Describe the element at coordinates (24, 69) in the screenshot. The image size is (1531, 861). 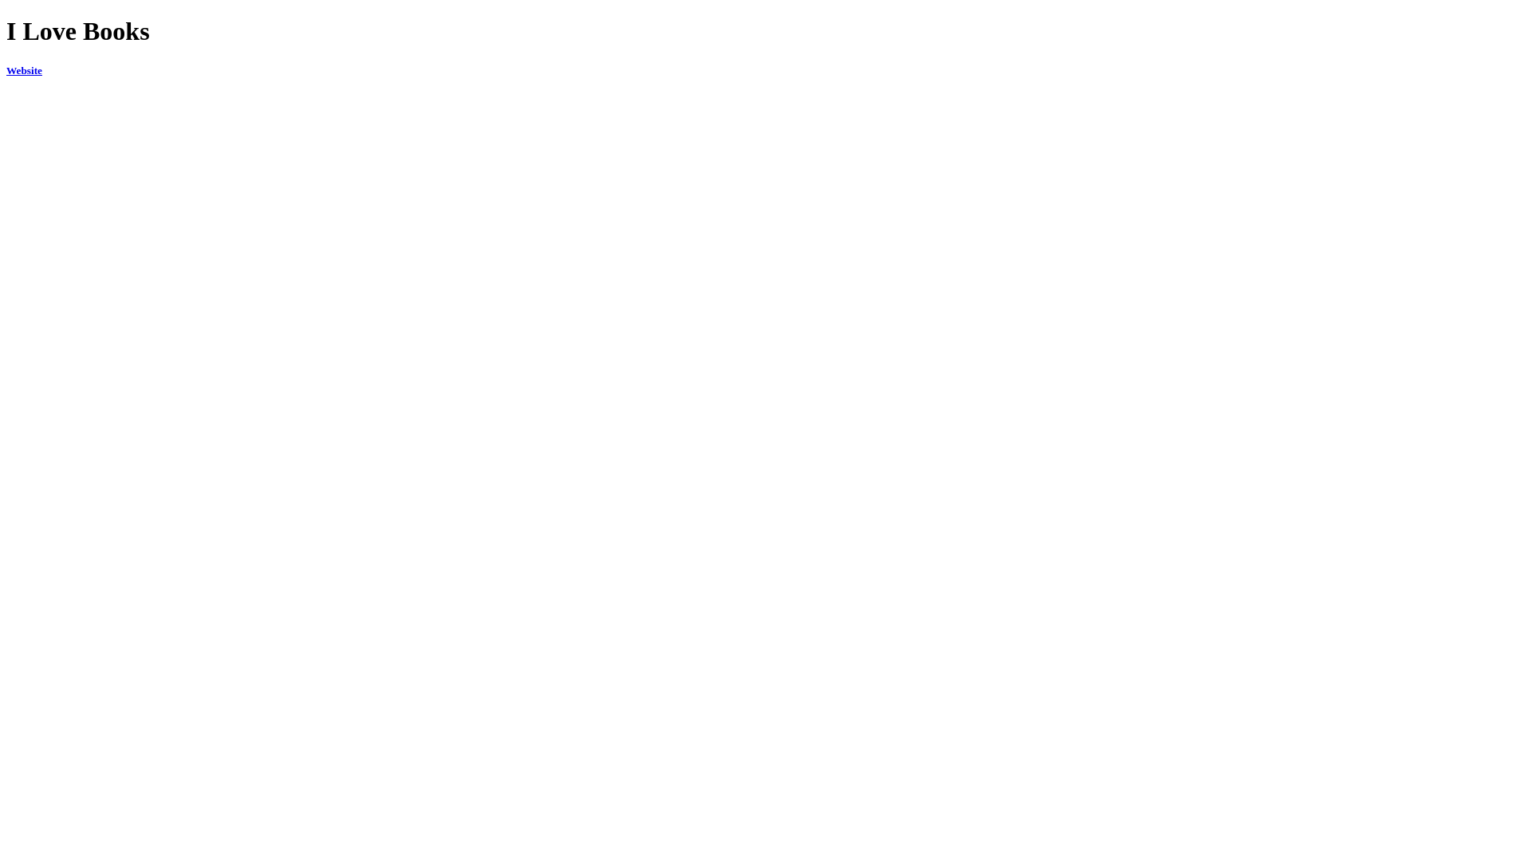
I see `'Website'` at that location.